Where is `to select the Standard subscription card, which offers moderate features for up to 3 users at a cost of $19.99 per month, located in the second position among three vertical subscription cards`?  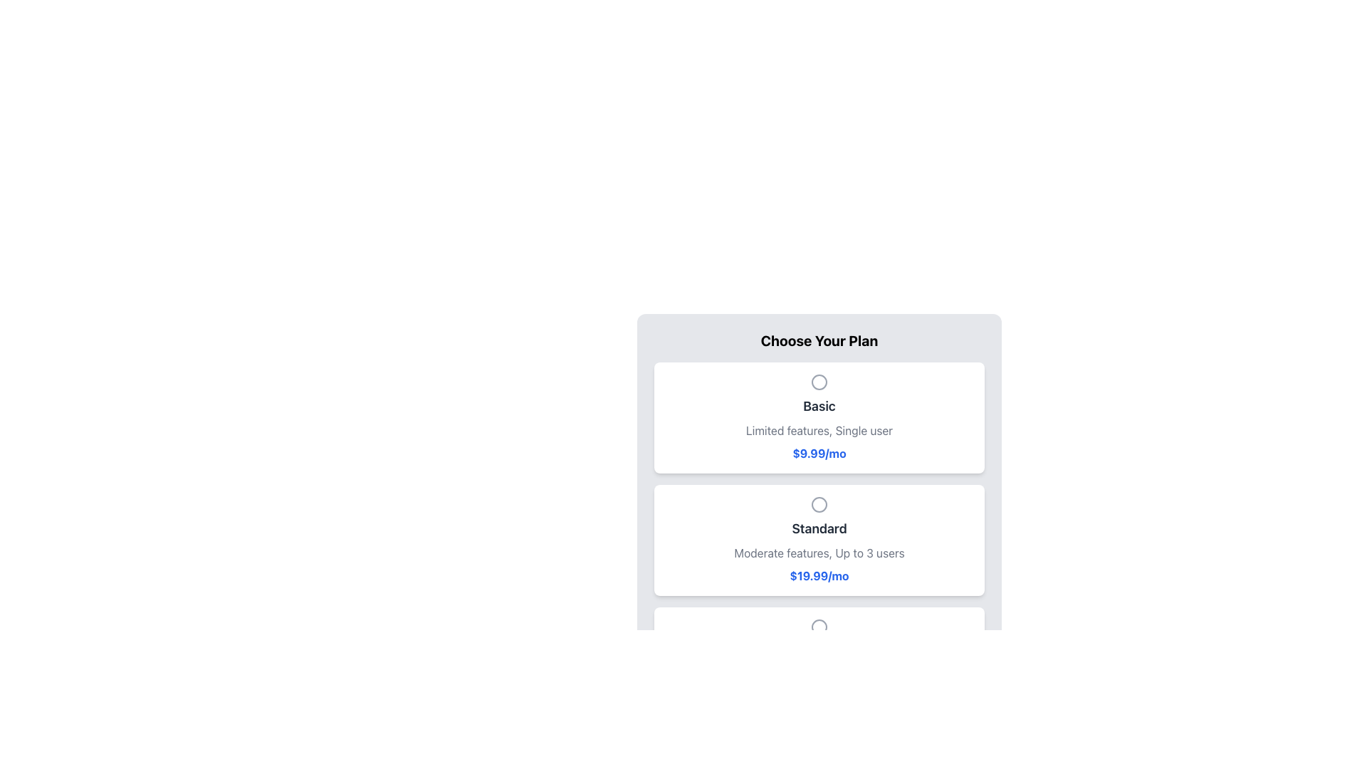 to select the Standard subscription card, which offers moderate features for up to 3 users at a cost of $19.99 per month, located in the second position among three vertical subscription cards is located at coordinates (819, 540).